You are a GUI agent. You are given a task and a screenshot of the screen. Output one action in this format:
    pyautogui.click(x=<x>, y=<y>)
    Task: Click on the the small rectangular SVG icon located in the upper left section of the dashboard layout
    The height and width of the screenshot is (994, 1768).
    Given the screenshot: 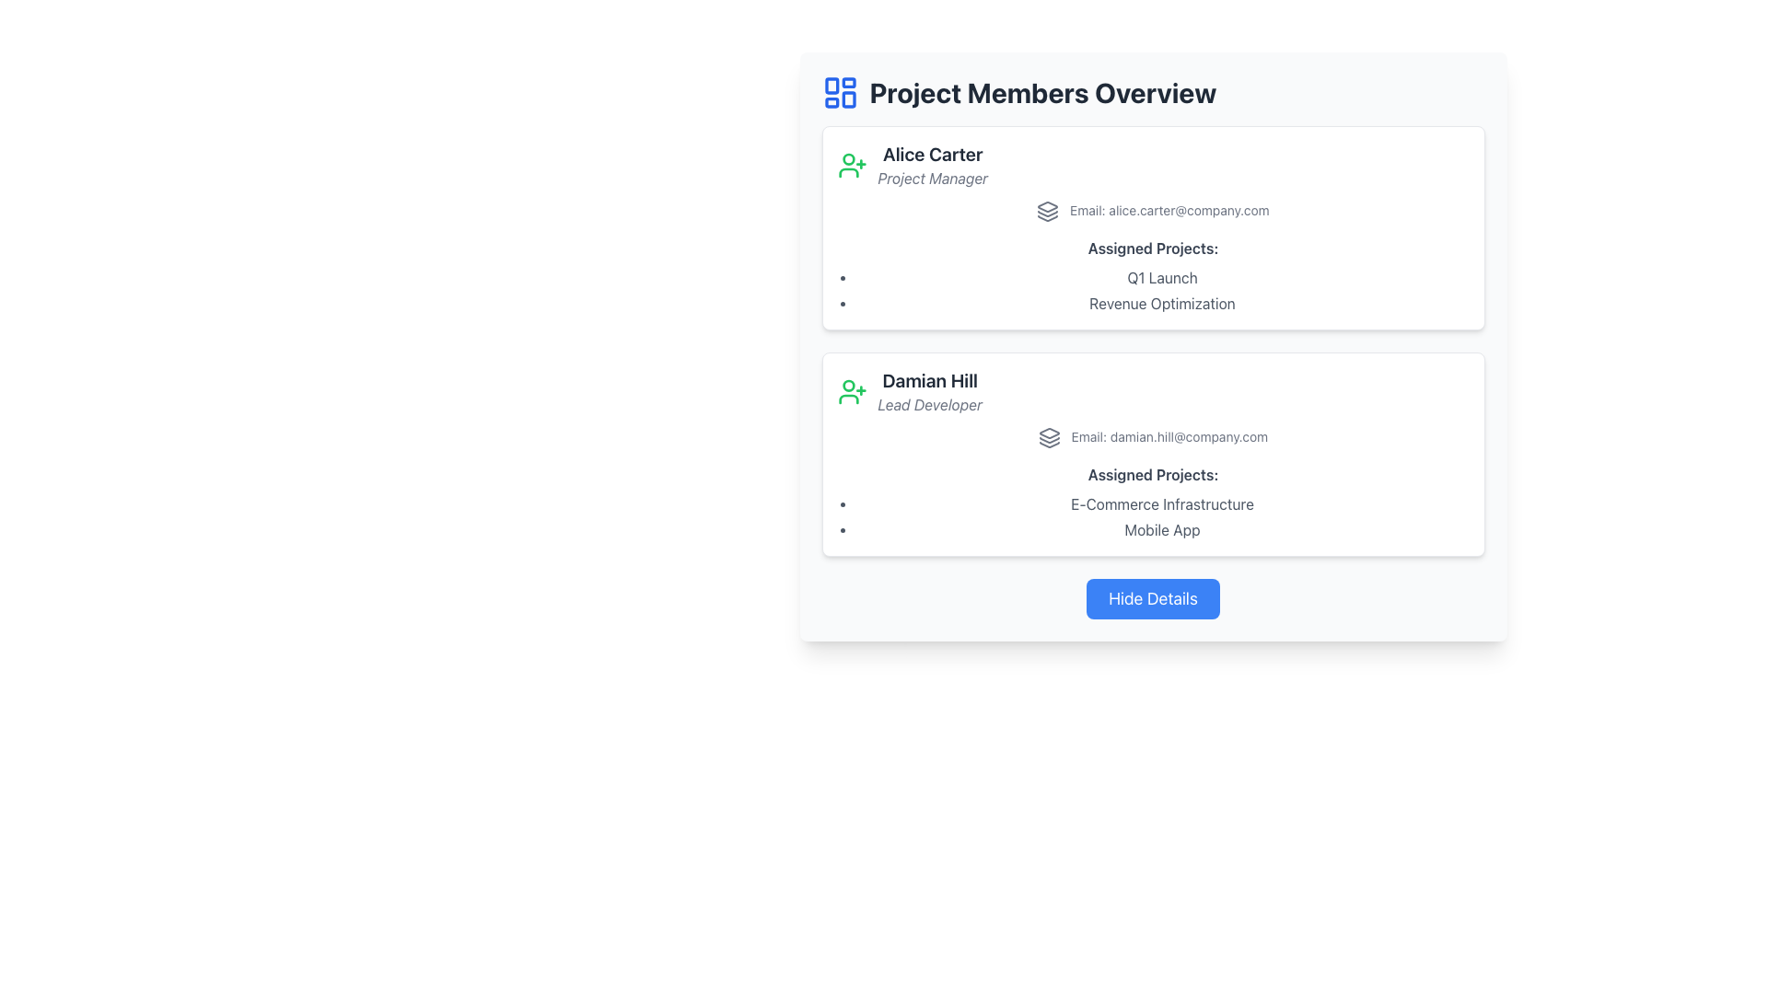 What is the action you would take?
    pyautogui.click(x=831, y=86)
    